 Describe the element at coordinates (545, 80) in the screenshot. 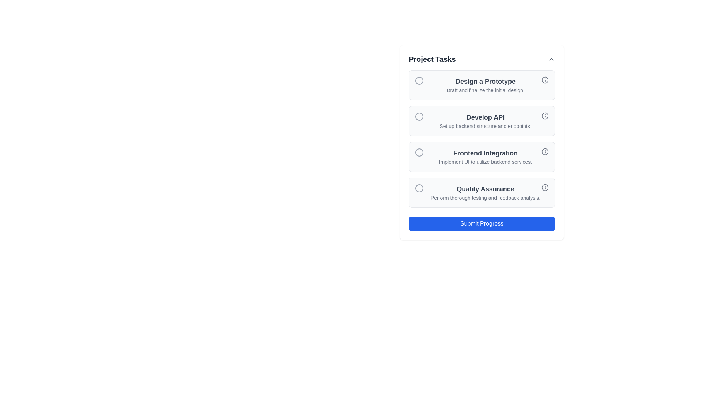

I see `the circular icon located at the top-right corner of the 'Design a Prototype' task item, which serves as a symbolic or decorative component` at that location.